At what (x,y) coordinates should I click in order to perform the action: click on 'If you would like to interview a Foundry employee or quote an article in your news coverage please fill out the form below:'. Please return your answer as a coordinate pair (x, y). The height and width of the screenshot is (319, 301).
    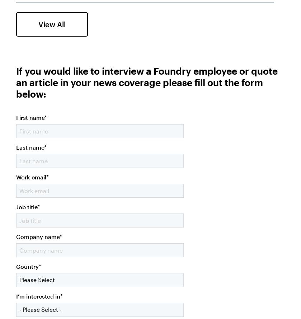
    Looking at the image, I should click on (147, 81).